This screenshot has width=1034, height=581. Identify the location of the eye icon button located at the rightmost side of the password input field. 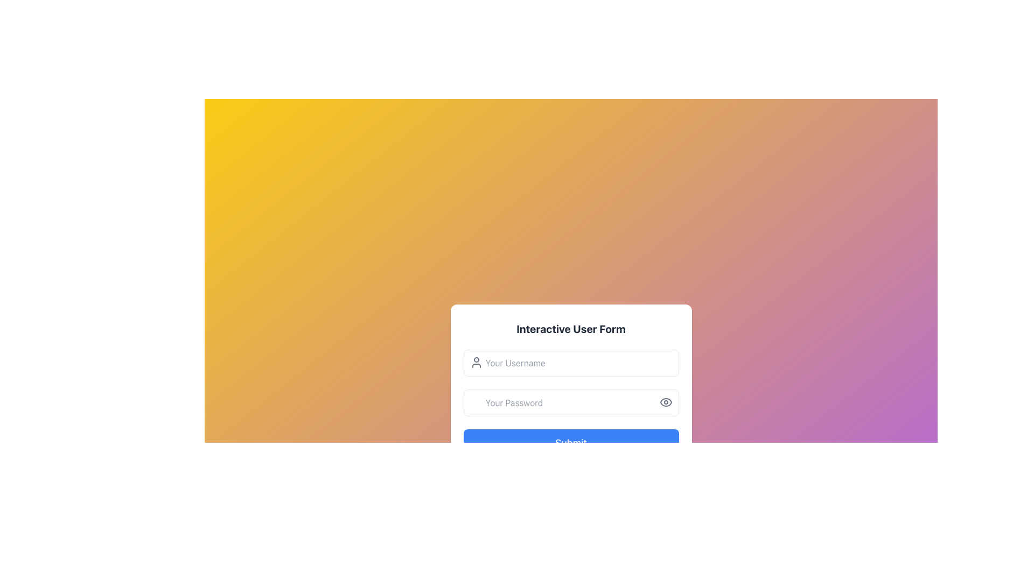
(665, 402).